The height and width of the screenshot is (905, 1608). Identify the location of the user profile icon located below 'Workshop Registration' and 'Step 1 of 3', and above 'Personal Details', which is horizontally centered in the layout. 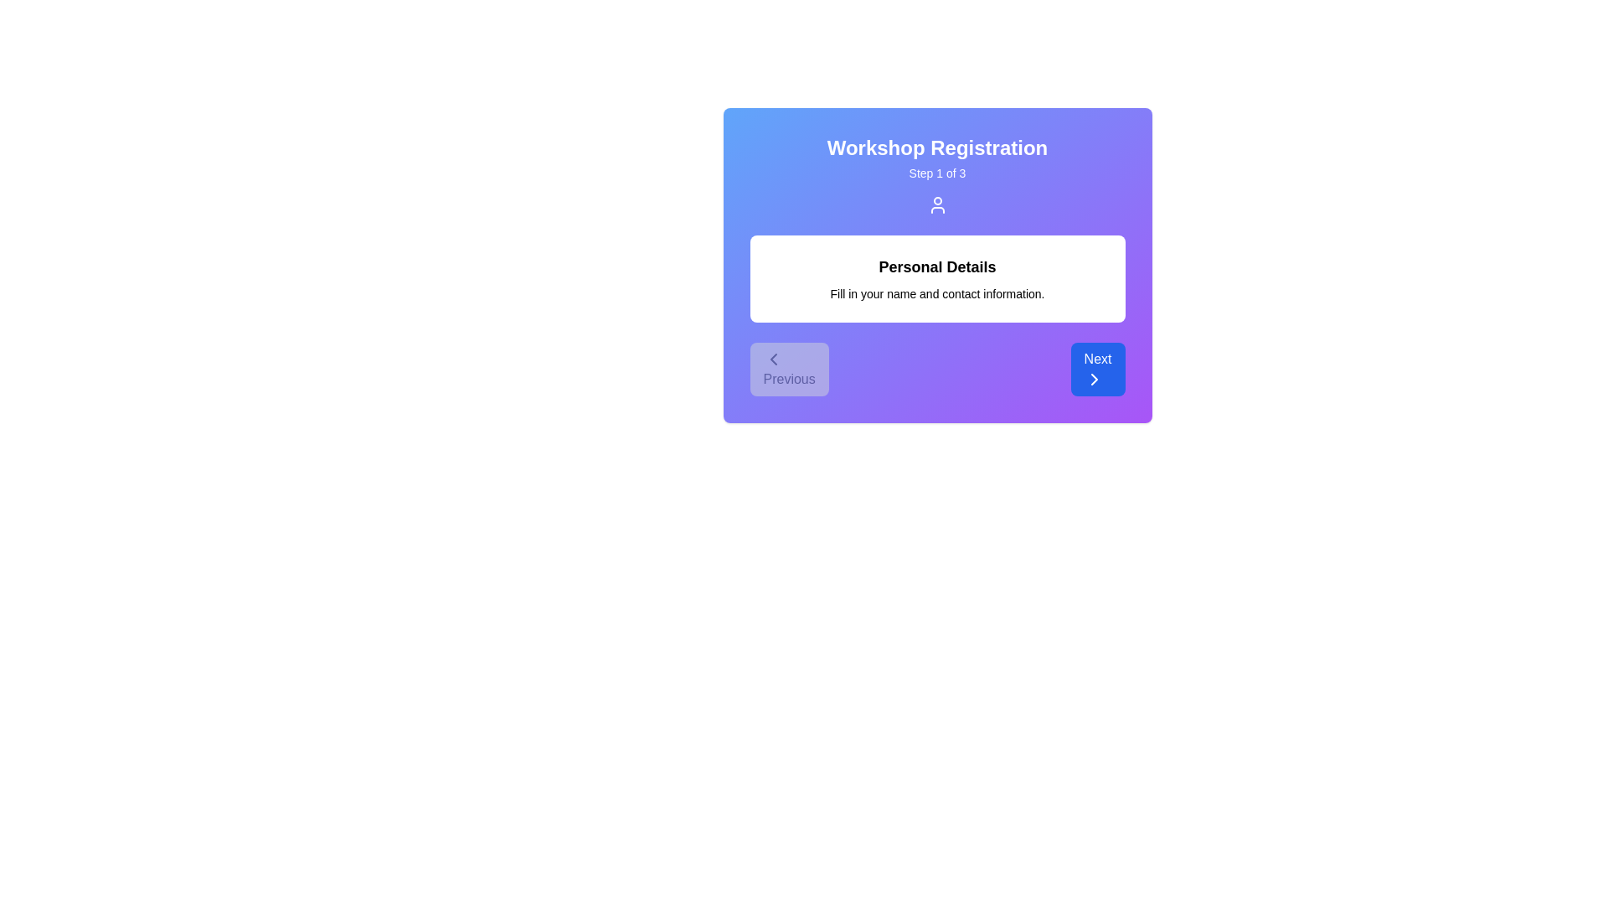
(936, 204).